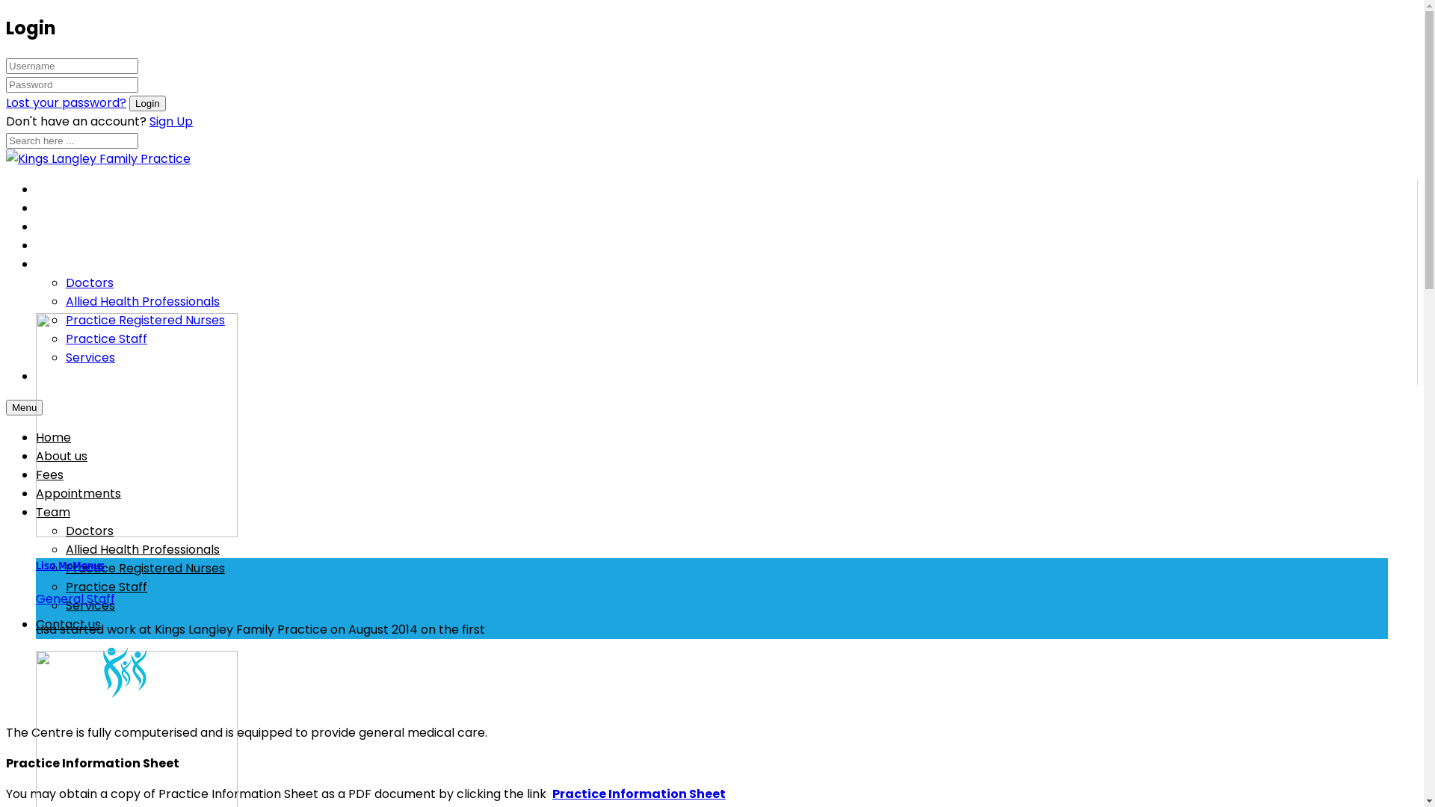 This screenshot has width=1435, height=807. I want to click on 'Doctors', so click(89, 282).